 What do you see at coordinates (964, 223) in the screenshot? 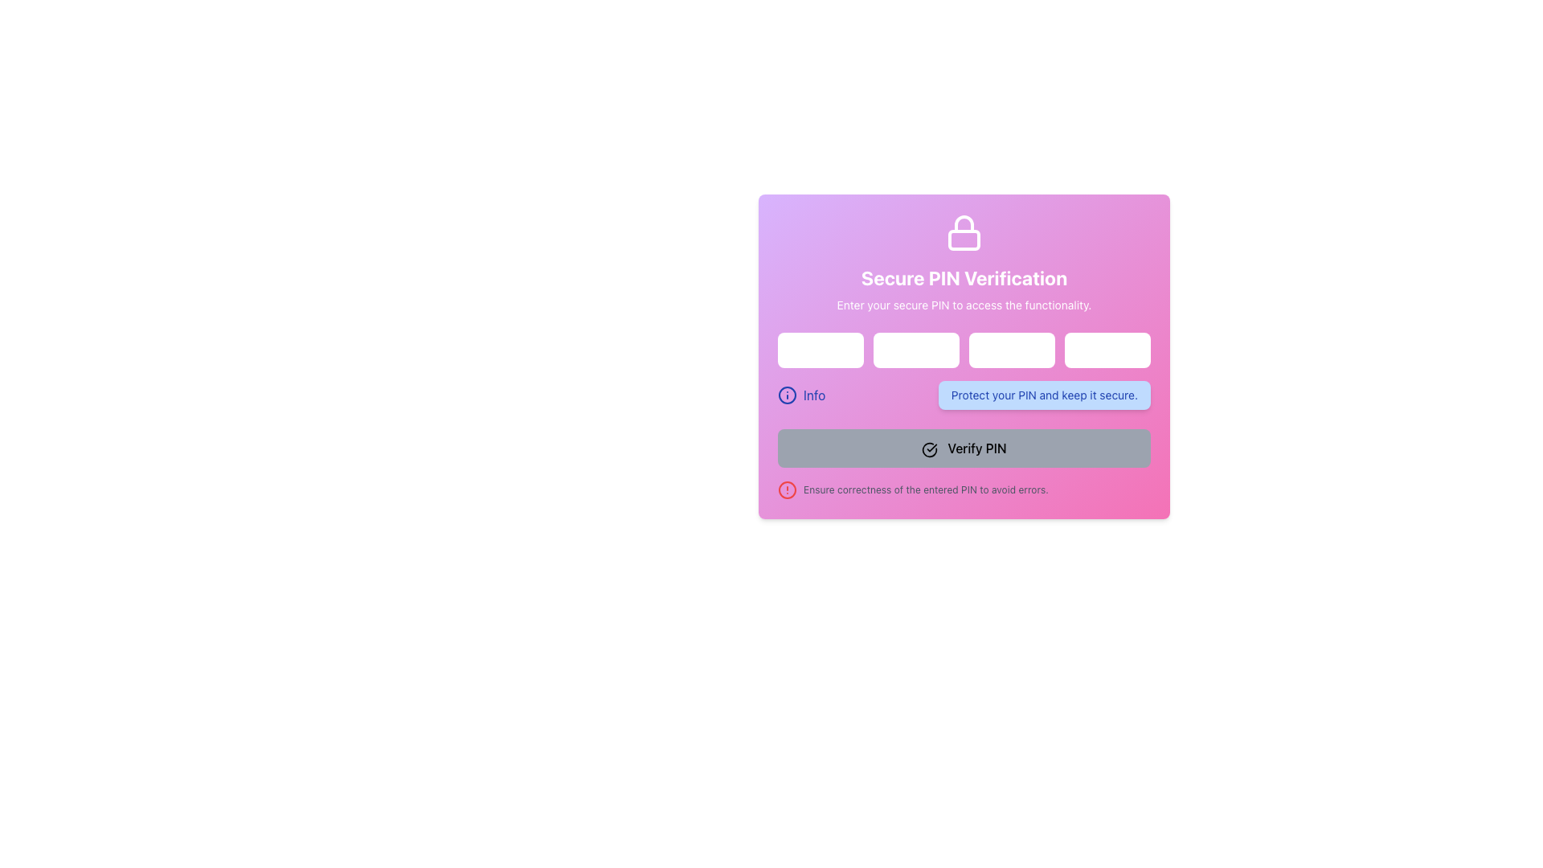
I see `the curved arc of the lock icon which symbolizes security or privacy, located at the top section of the form interface` at bounding box center [964, 223].